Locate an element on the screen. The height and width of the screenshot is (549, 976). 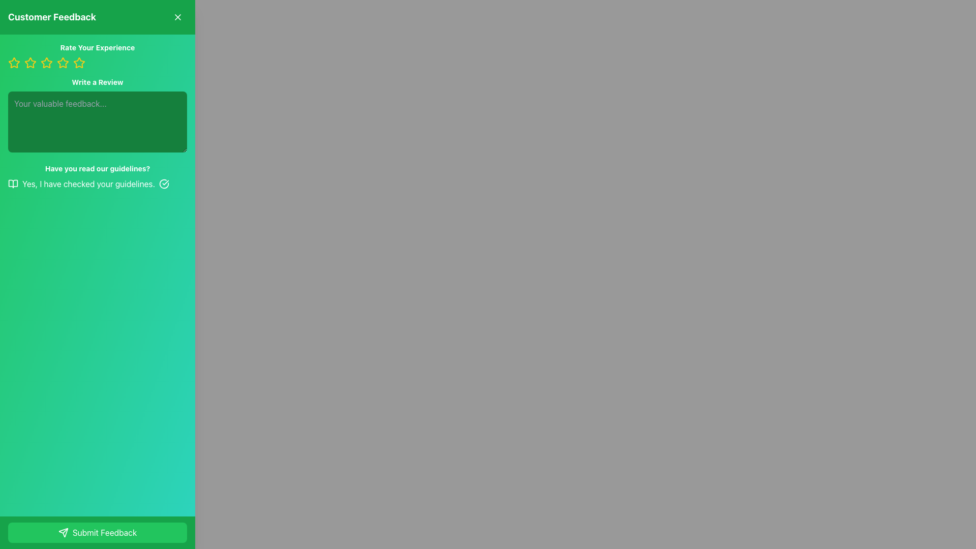
the third star icon under the title 'Rate Your Experience' in the green feedback form to provide a rating is located at coordinates (63, 63).